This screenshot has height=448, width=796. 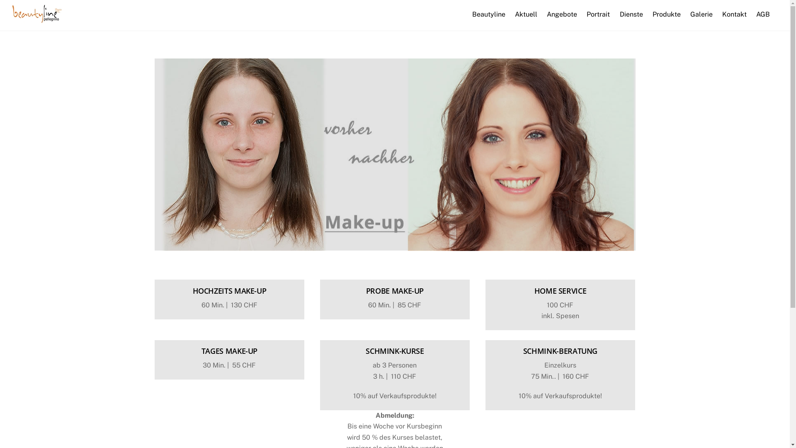 What do you see at coordinates (36, 14) in the screenshot?
I see `'LogoPellegrino47px'` at bounding box center [36, 14].